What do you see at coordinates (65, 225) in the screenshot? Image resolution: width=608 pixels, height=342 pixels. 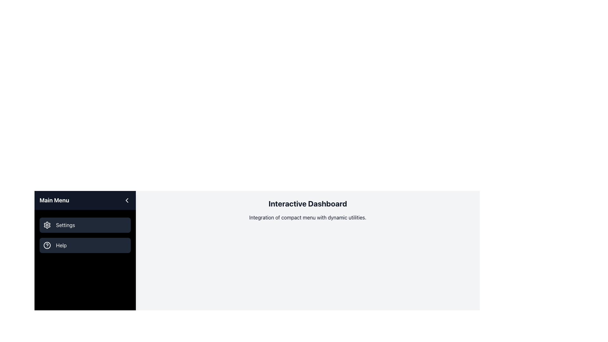 I see `static text label that describes the settings option in the menu, positioned to the right of the settings icon` at bounding box center [65, 225].